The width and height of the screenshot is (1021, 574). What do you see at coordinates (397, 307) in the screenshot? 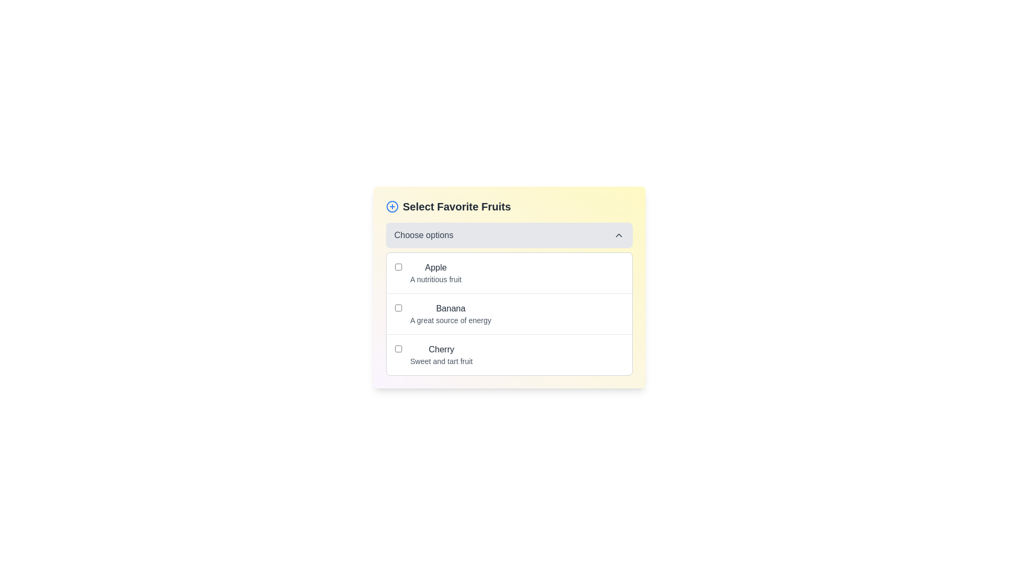
I see `the checkbox for 'Banana'` at bounding box center [397, 307].